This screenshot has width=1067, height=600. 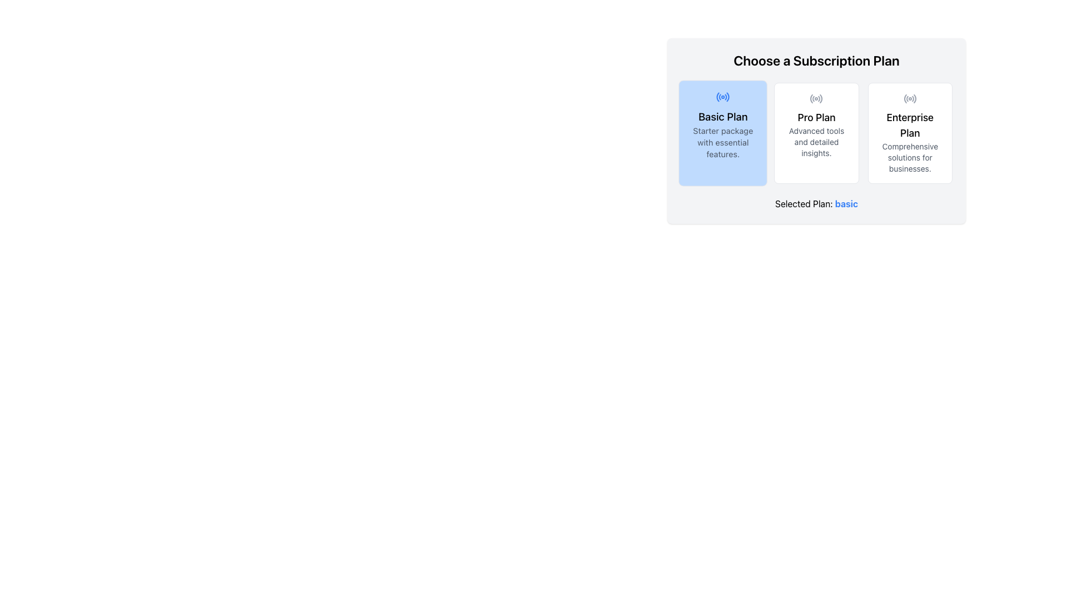 I want to click on the decorative graphic representing the 'Pro Plan' designation, which is part of the second option in the subscription plan selection, so click(x=821, y=98).